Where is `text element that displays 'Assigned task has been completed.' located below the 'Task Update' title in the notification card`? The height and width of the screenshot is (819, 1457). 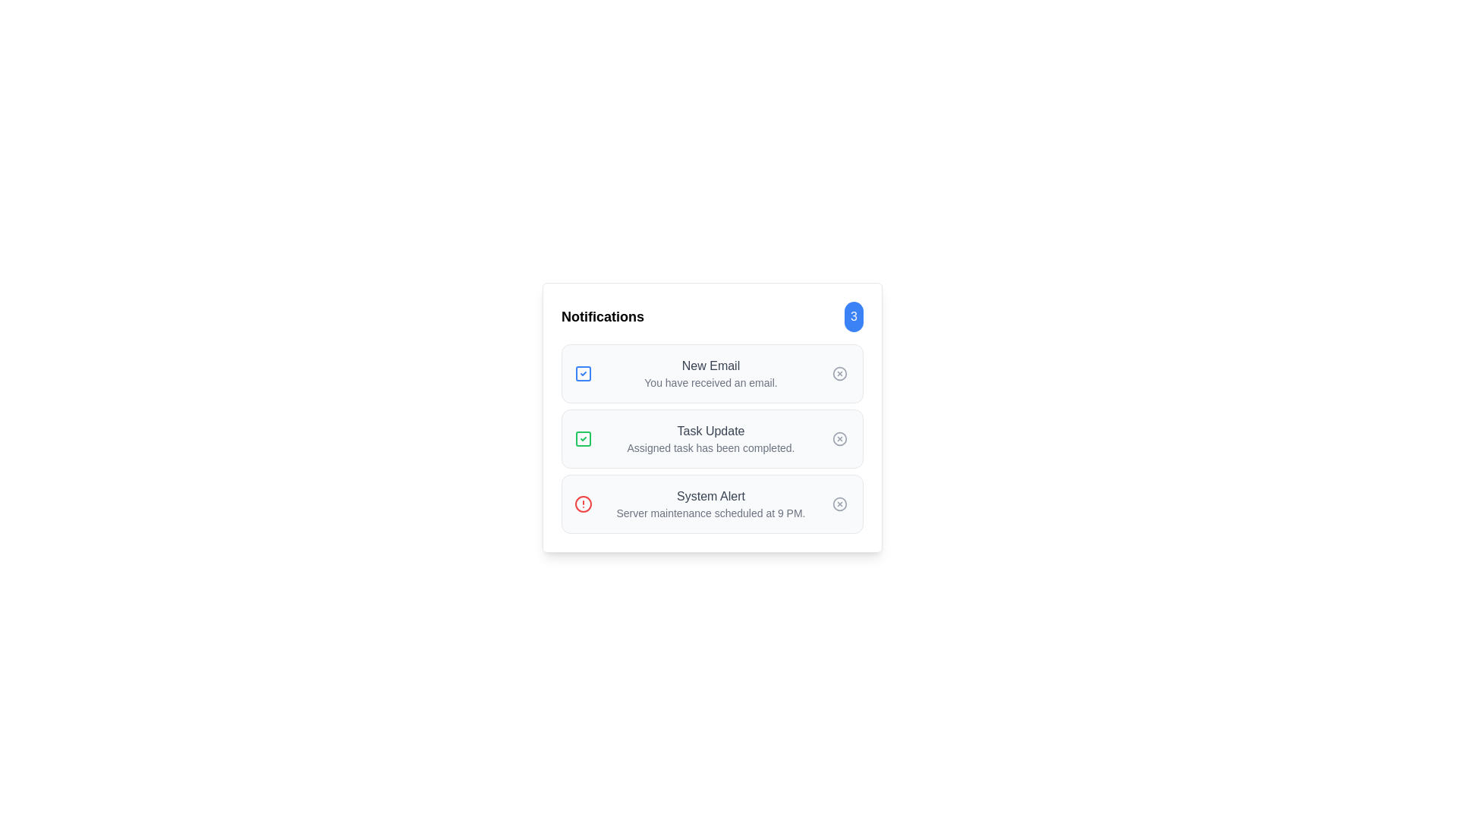 text element that displays 'Assigned task has been completed.' located below the 'Task Update' title in the notification card is located at coordinates (710, 447).